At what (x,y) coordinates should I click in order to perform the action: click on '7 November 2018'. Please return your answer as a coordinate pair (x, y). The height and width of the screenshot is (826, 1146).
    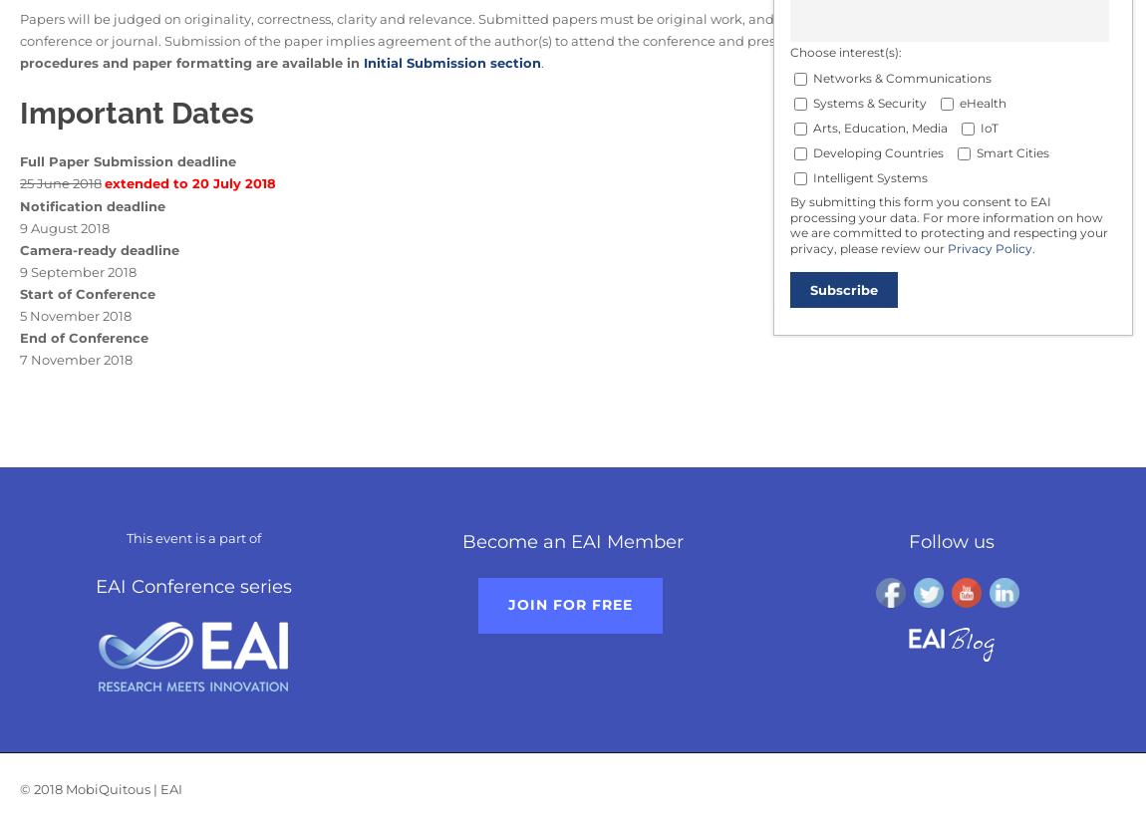
    Looking at the image, I should click on (75, 359).